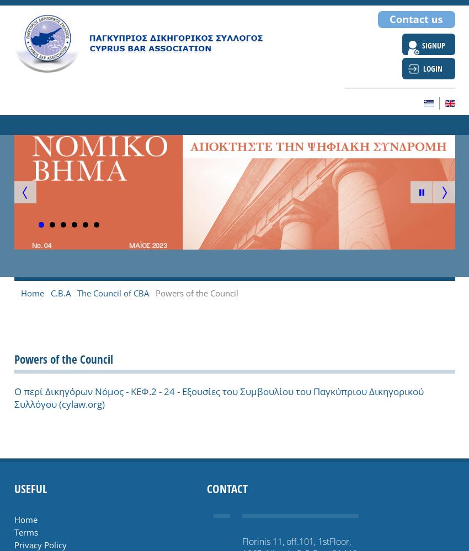 The height and width of the screenshot is (551, 469). Describe the element at coordinates (227, 489) in the screenshot. I see `'Contact'` at that location.